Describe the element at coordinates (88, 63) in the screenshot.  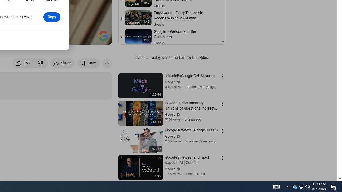
I see `'Save to playlist'` at that location.